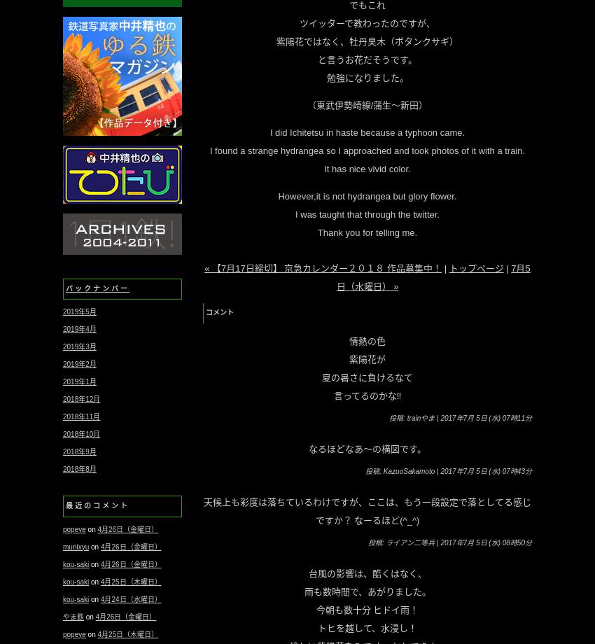 The width and height of the screenshot is (595, 644). Describe the element at coordinates (62, 381) in the screenshot. I see `'2019年1月'` at that location.